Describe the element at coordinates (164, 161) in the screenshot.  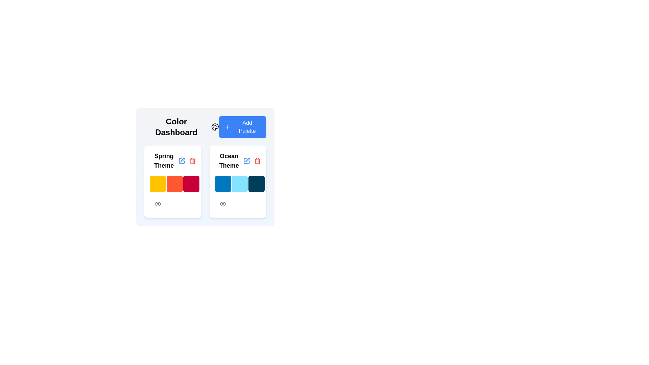
I see `the 'Spring Theme' text label located at the top portion of the first palette card under the 'Color Dashboard' heading` at that location.